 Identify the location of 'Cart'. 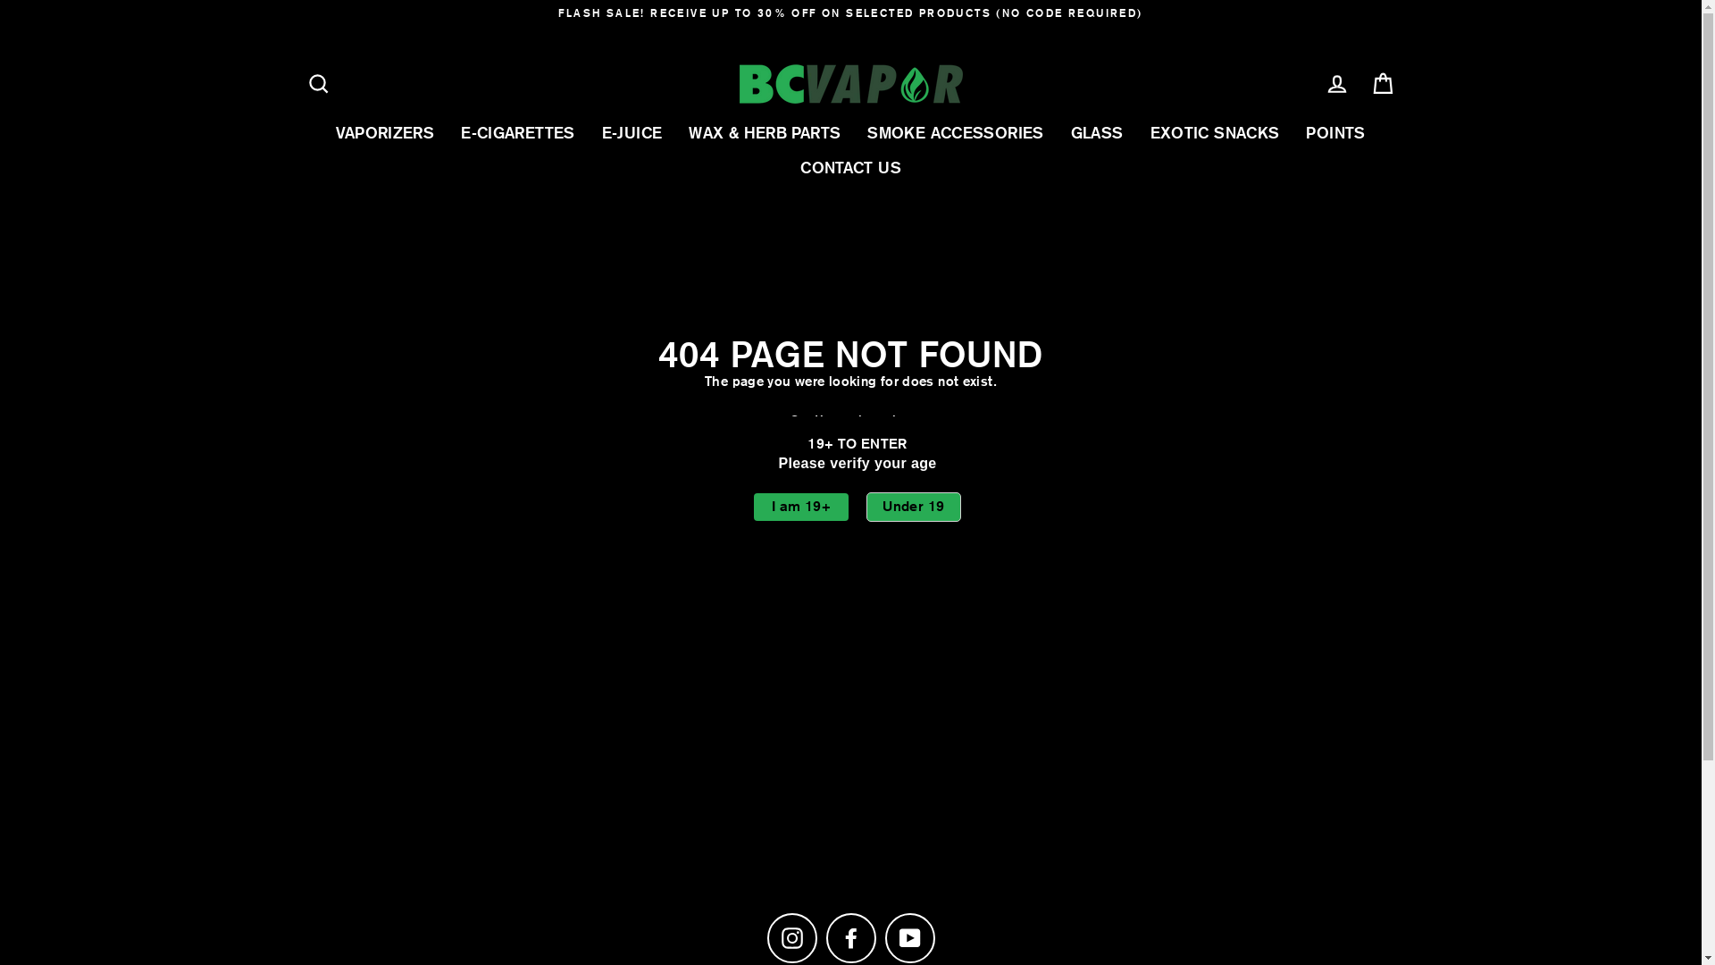
(1382, 83).